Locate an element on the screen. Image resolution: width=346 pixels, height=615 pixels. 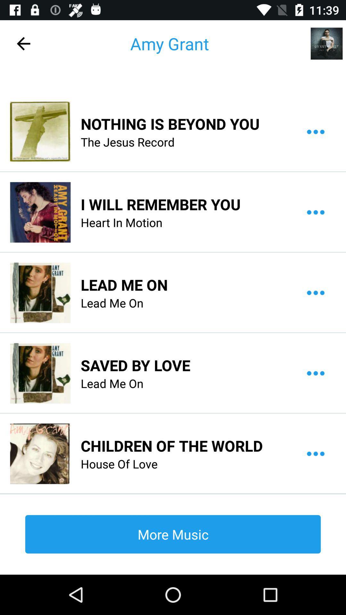
the icon above the lead me on icon is located at coordinates (121, 222).